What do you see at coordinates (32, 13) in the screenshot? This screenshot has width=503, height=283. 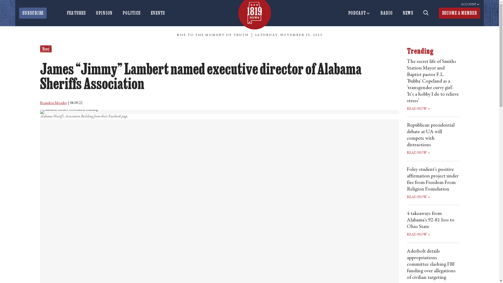 I see `'SUBSCRIBE'` at bounding box center [32, 13].